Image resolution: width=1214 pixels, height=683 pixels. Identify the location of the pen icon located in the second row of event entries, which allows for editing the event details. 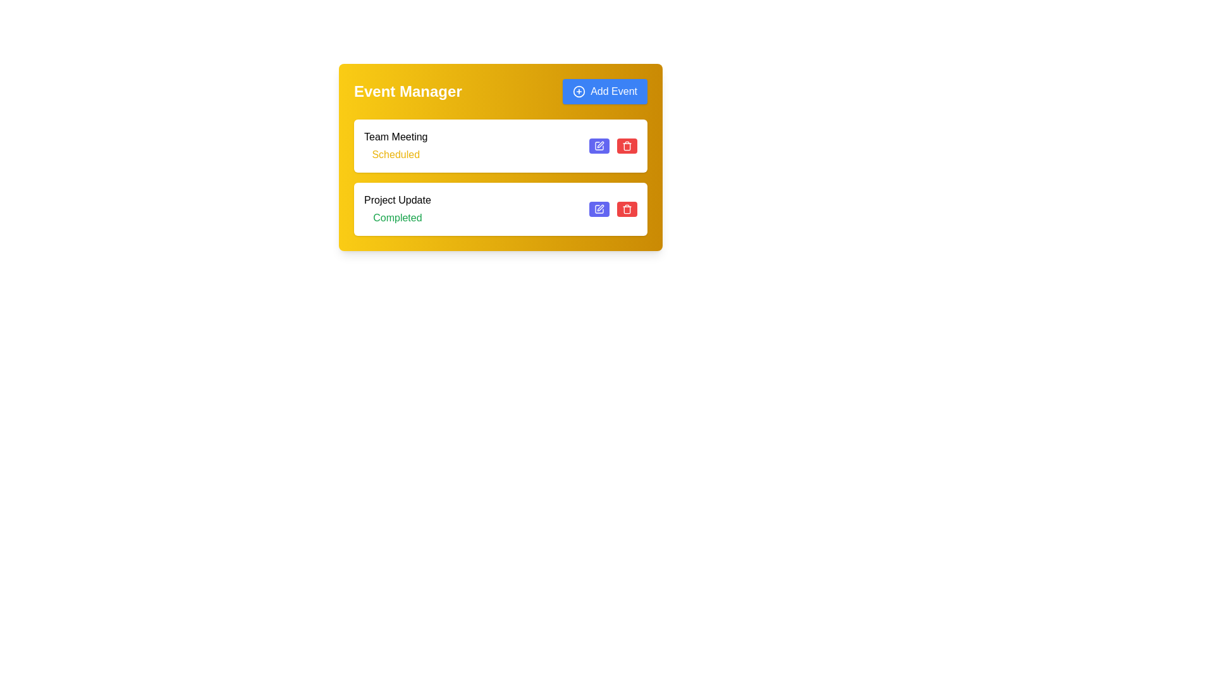
(600, 207).